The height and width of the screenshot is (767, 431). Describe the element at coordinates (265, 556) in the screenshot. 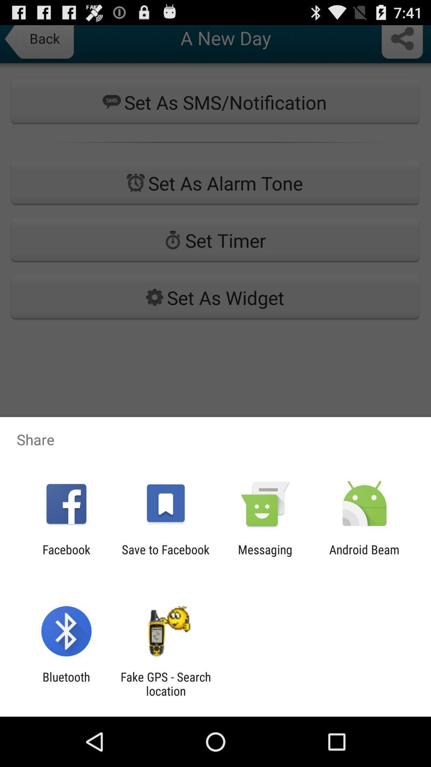

I see `the messaging icon` at that location.